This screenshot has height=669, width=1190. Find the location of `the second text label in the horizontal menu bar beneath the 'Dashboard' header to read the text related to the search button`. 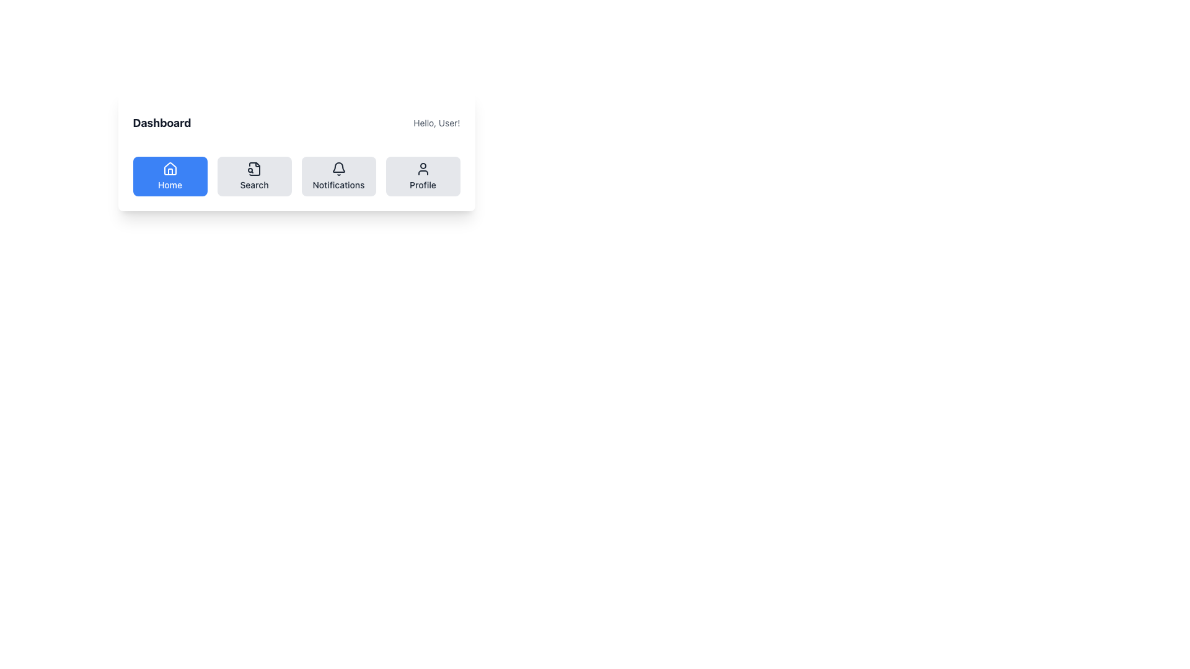

the second text label in the horizontal menu bar beneath the 'Dashboard' header to read the text related to the search button is located at coordinates (253, 185).